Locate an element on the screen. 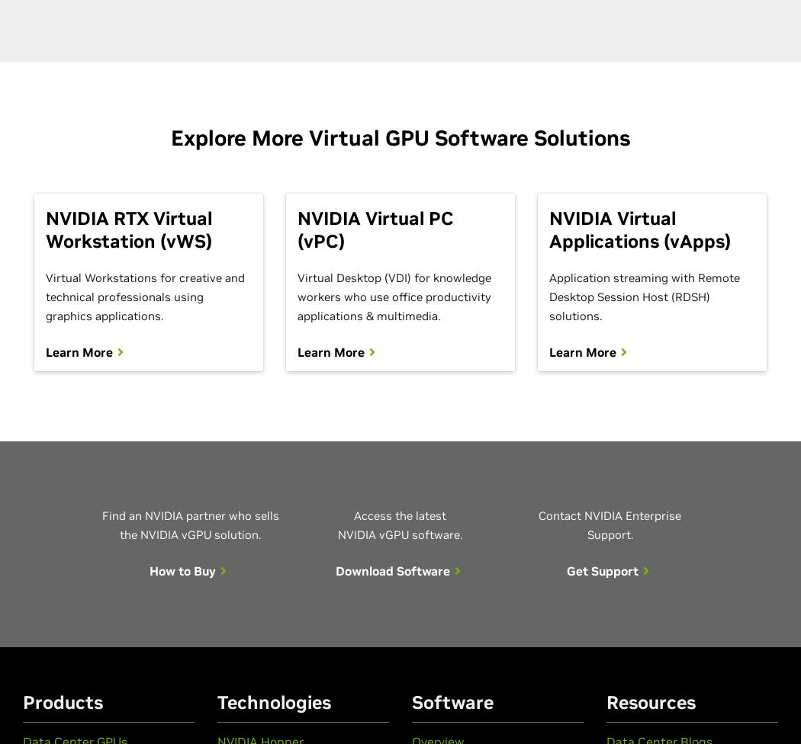 This screenshot has height=744, width=801. 'NVIDIA Virtual PC (vPC)' is located at coordinates (374, 229).